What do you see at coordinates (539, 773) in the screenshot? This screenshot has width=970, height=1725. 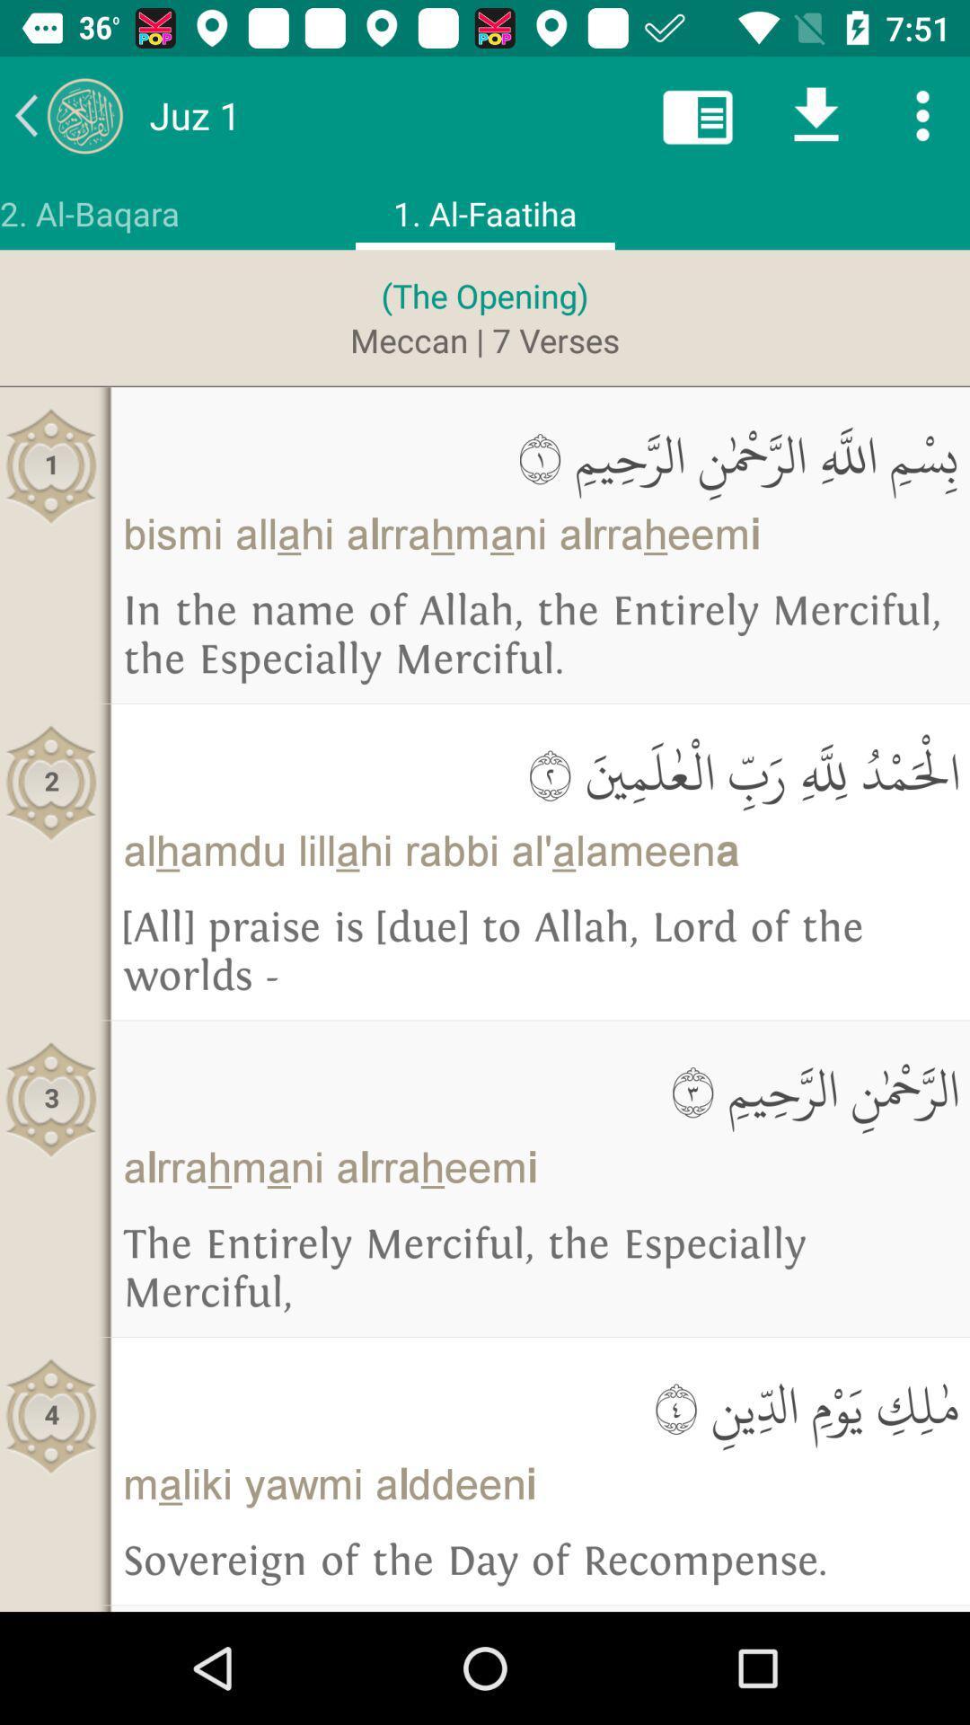 I see `icon next to 2 icon` at bounding box center [539, 773].